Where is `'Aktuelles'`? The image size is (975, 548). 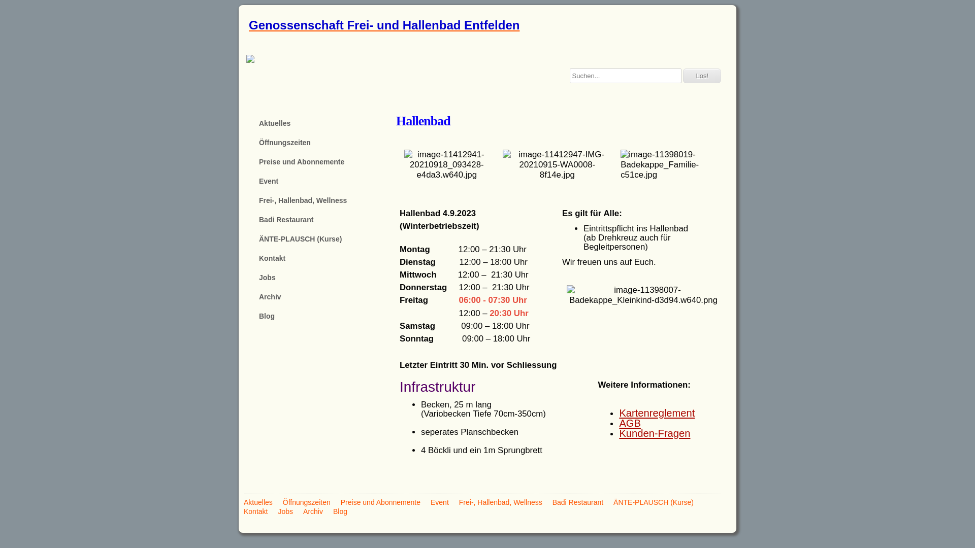 'Aktuelles' is located at coordinates (244, 502).